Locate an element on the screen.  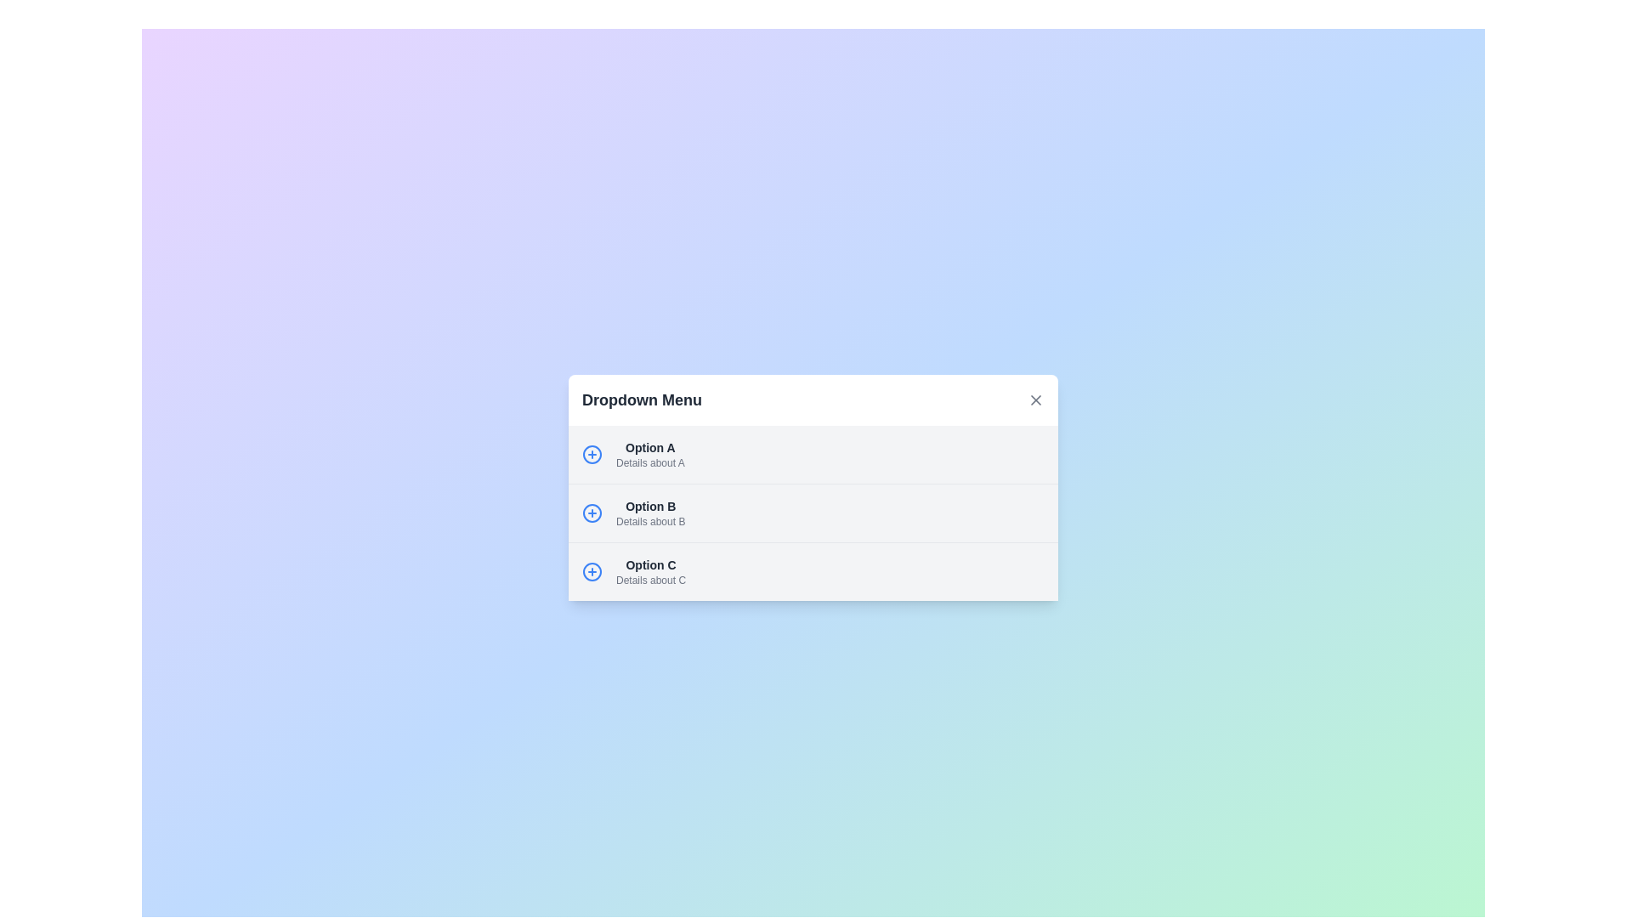
the text label displaying 'Option C', which is in bold, dark gray font and located in the third row of a dropdown menu is located at coordinates (650, 564).